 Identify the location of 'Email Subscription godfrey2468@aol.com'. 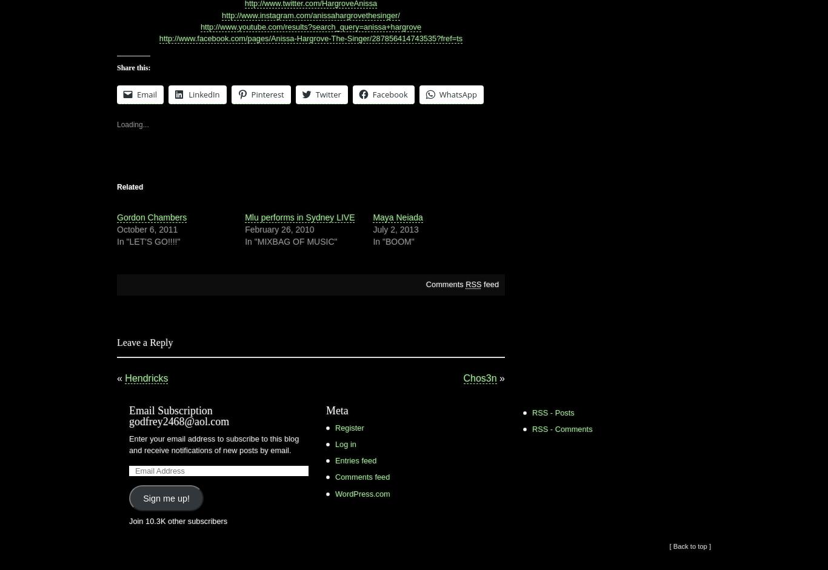
(179, 415).